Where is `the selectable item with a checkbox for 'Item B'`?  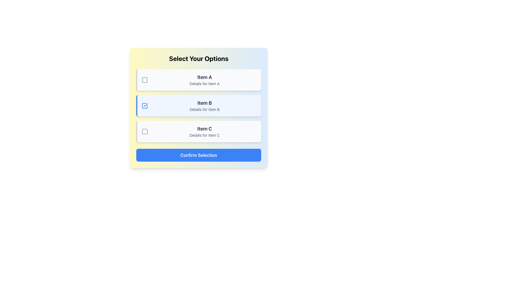
the selectable item with a checkbox for 'Item B' is located at coordinates (198, 106).